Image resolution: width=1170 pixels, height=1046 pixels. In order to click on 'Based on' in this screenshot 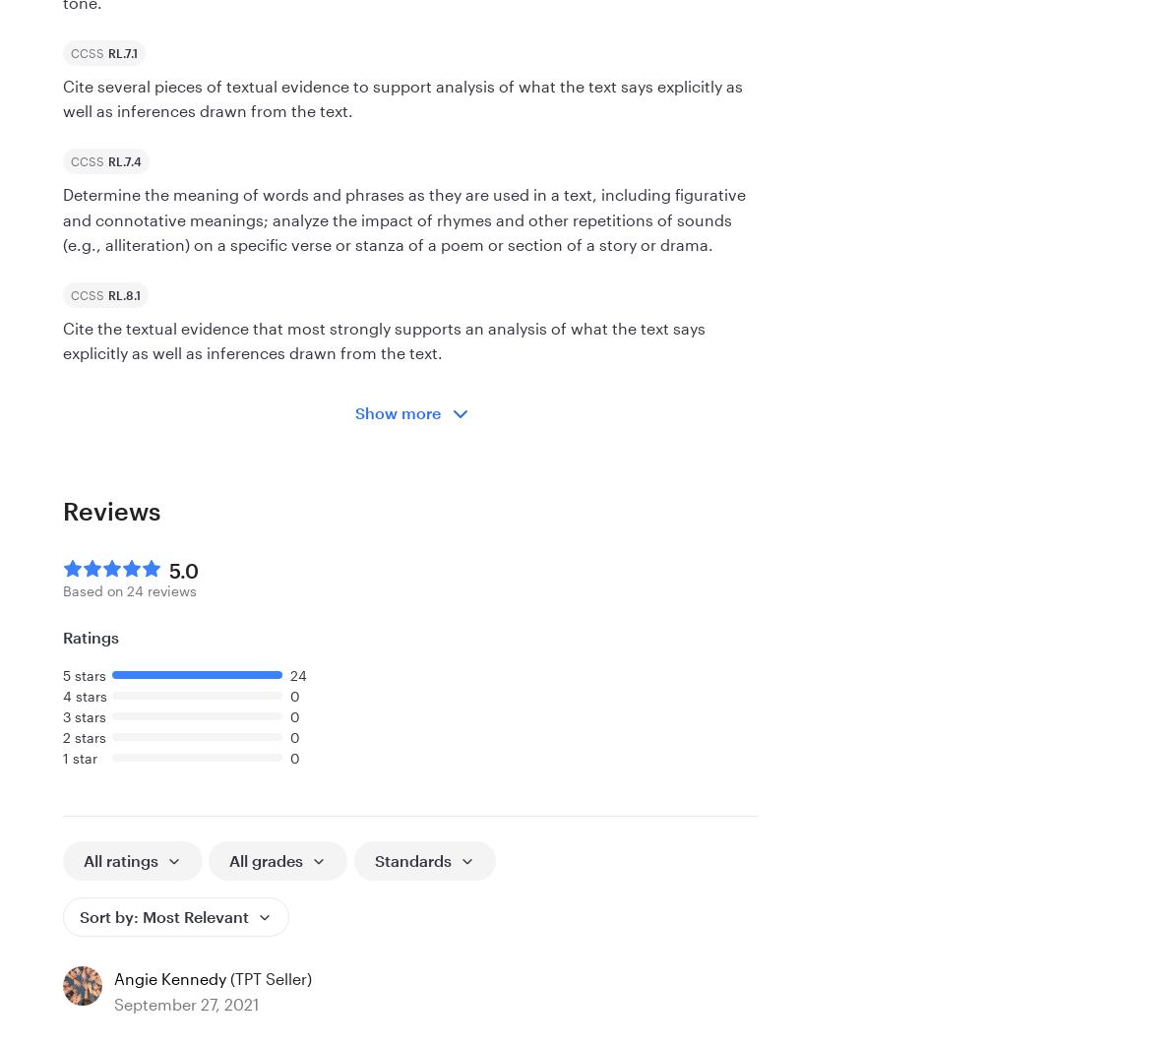, I will do `click(62, 588)`.